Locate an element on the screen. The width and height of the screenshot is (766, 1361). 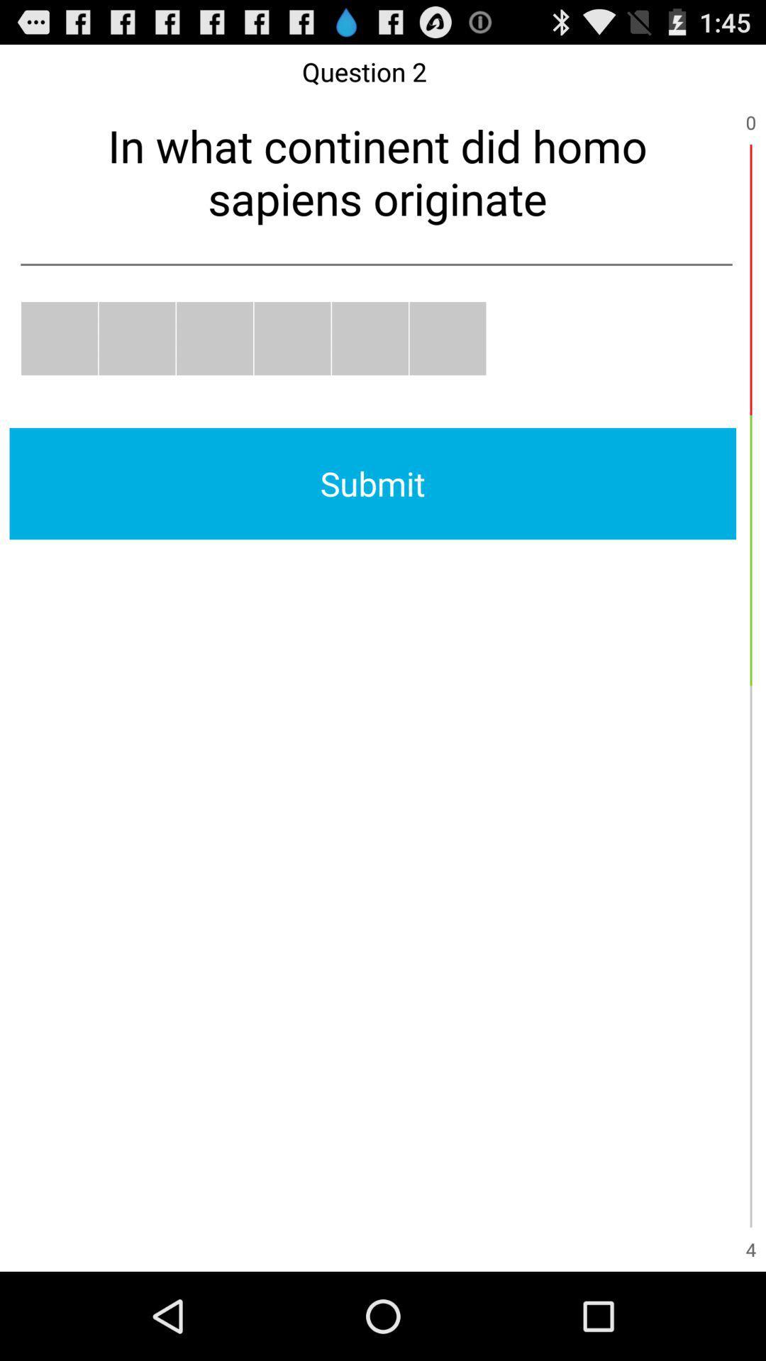
item above the submit icon is located at coordinates (59, 337).